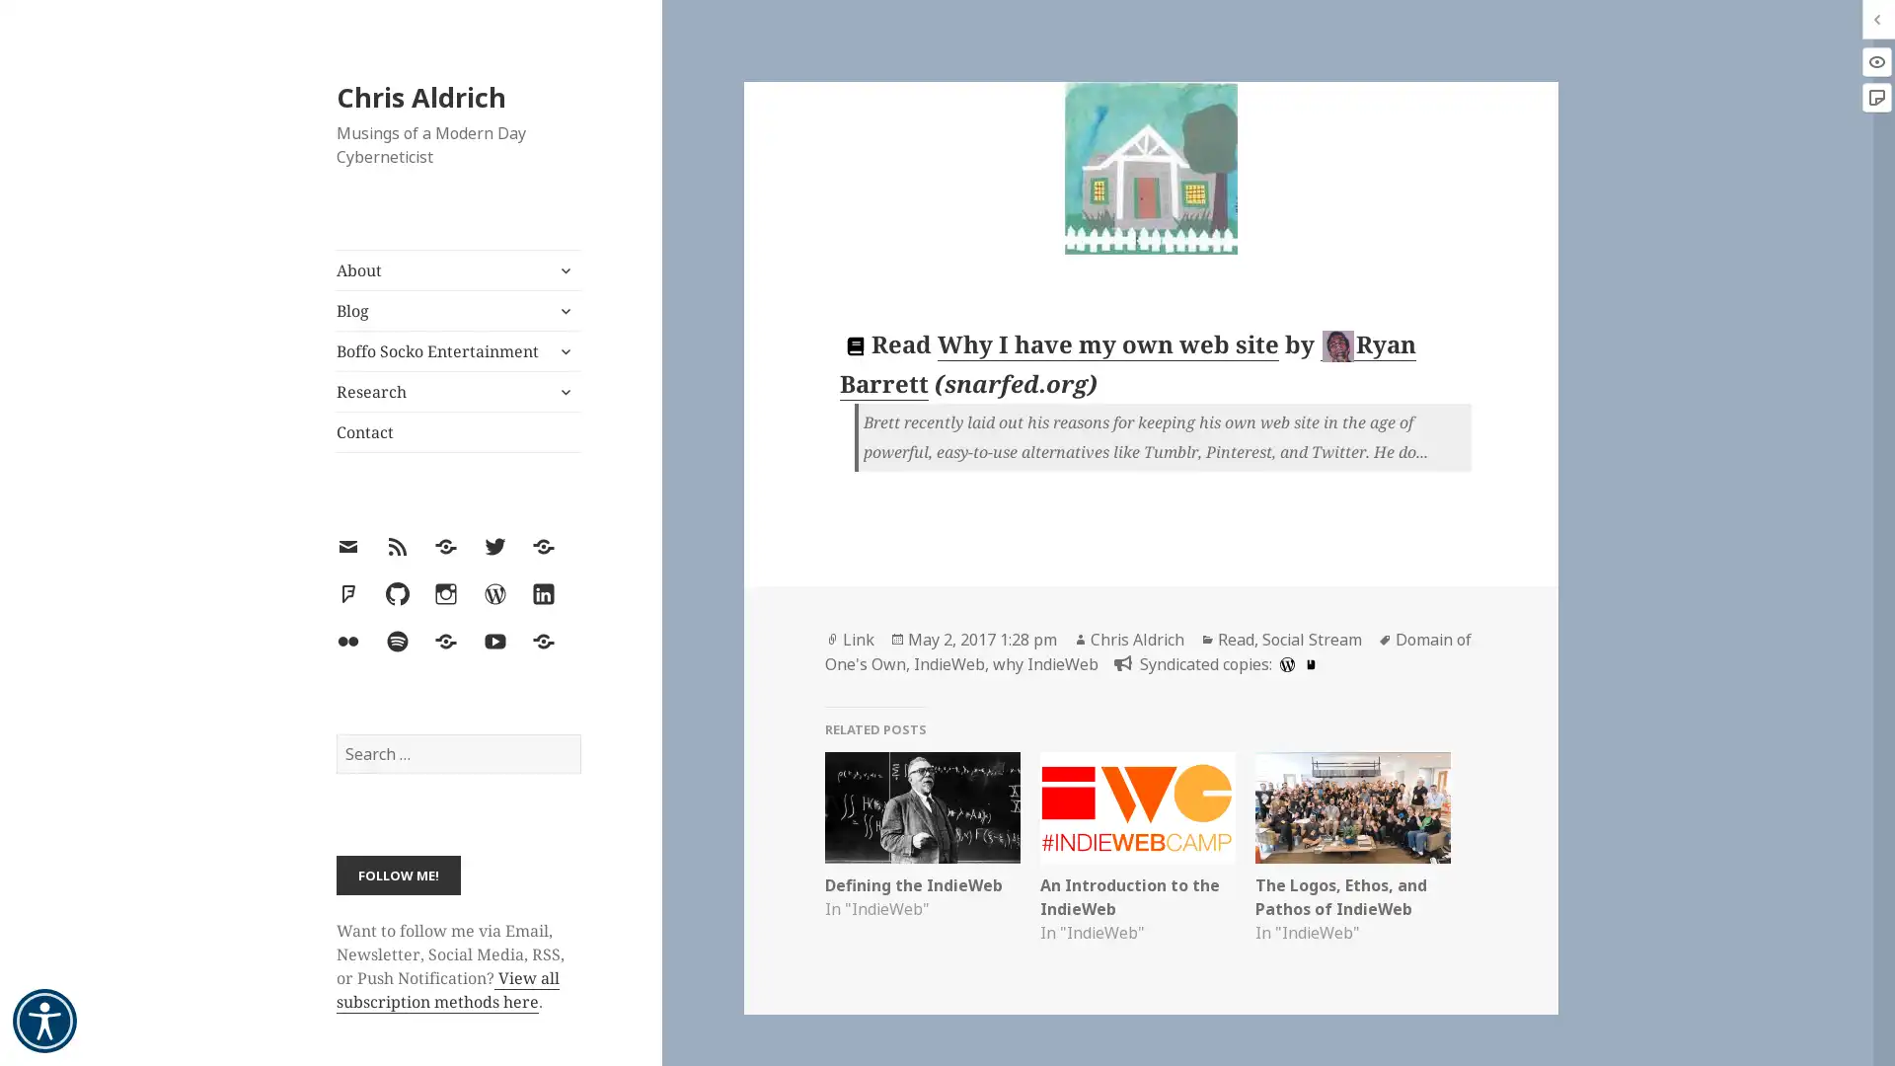  I want to click on expand child menu, so click(563, 349).